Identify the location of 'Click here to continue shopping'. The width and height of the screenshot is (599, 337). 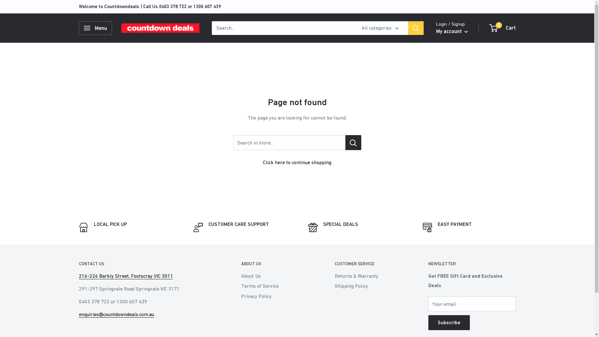
(297, 162).